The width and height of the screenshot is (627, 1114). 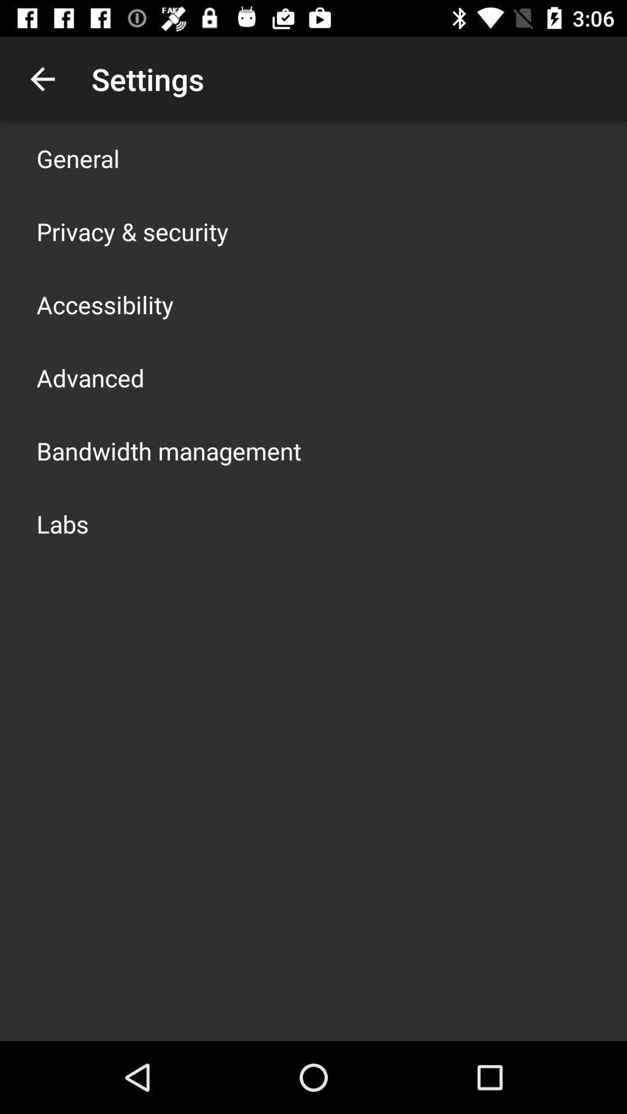 What do you see at coordinates (168, 450) in the screenshot?
I see `the item below advanced item` at bounding box center [168, 450].